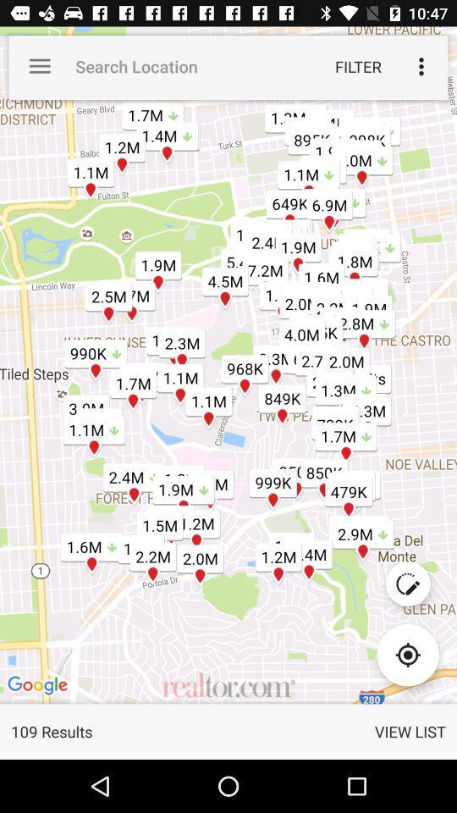  I want to click on the location_crosshair icon, so click(407, 654).